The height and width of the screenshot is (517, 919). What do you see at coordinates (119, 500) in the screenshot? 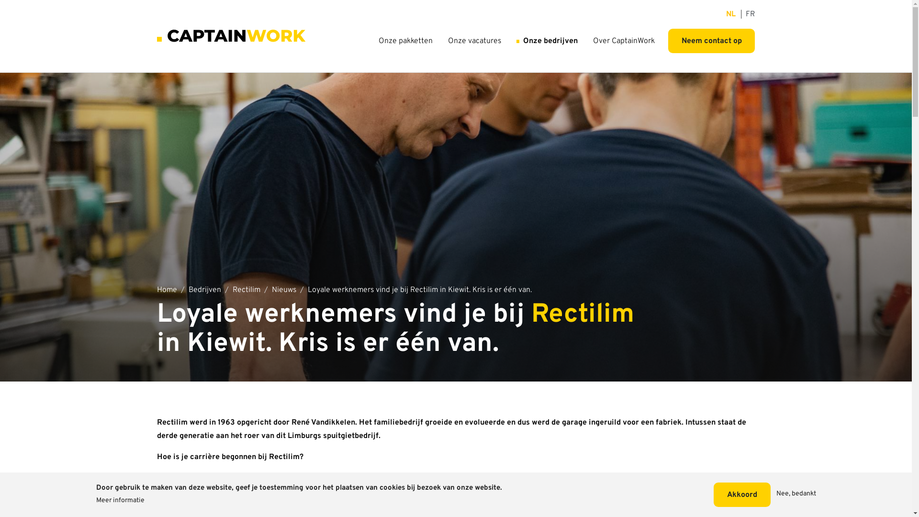
I see `'Meer informatie'` at bounding box center [119, 500].